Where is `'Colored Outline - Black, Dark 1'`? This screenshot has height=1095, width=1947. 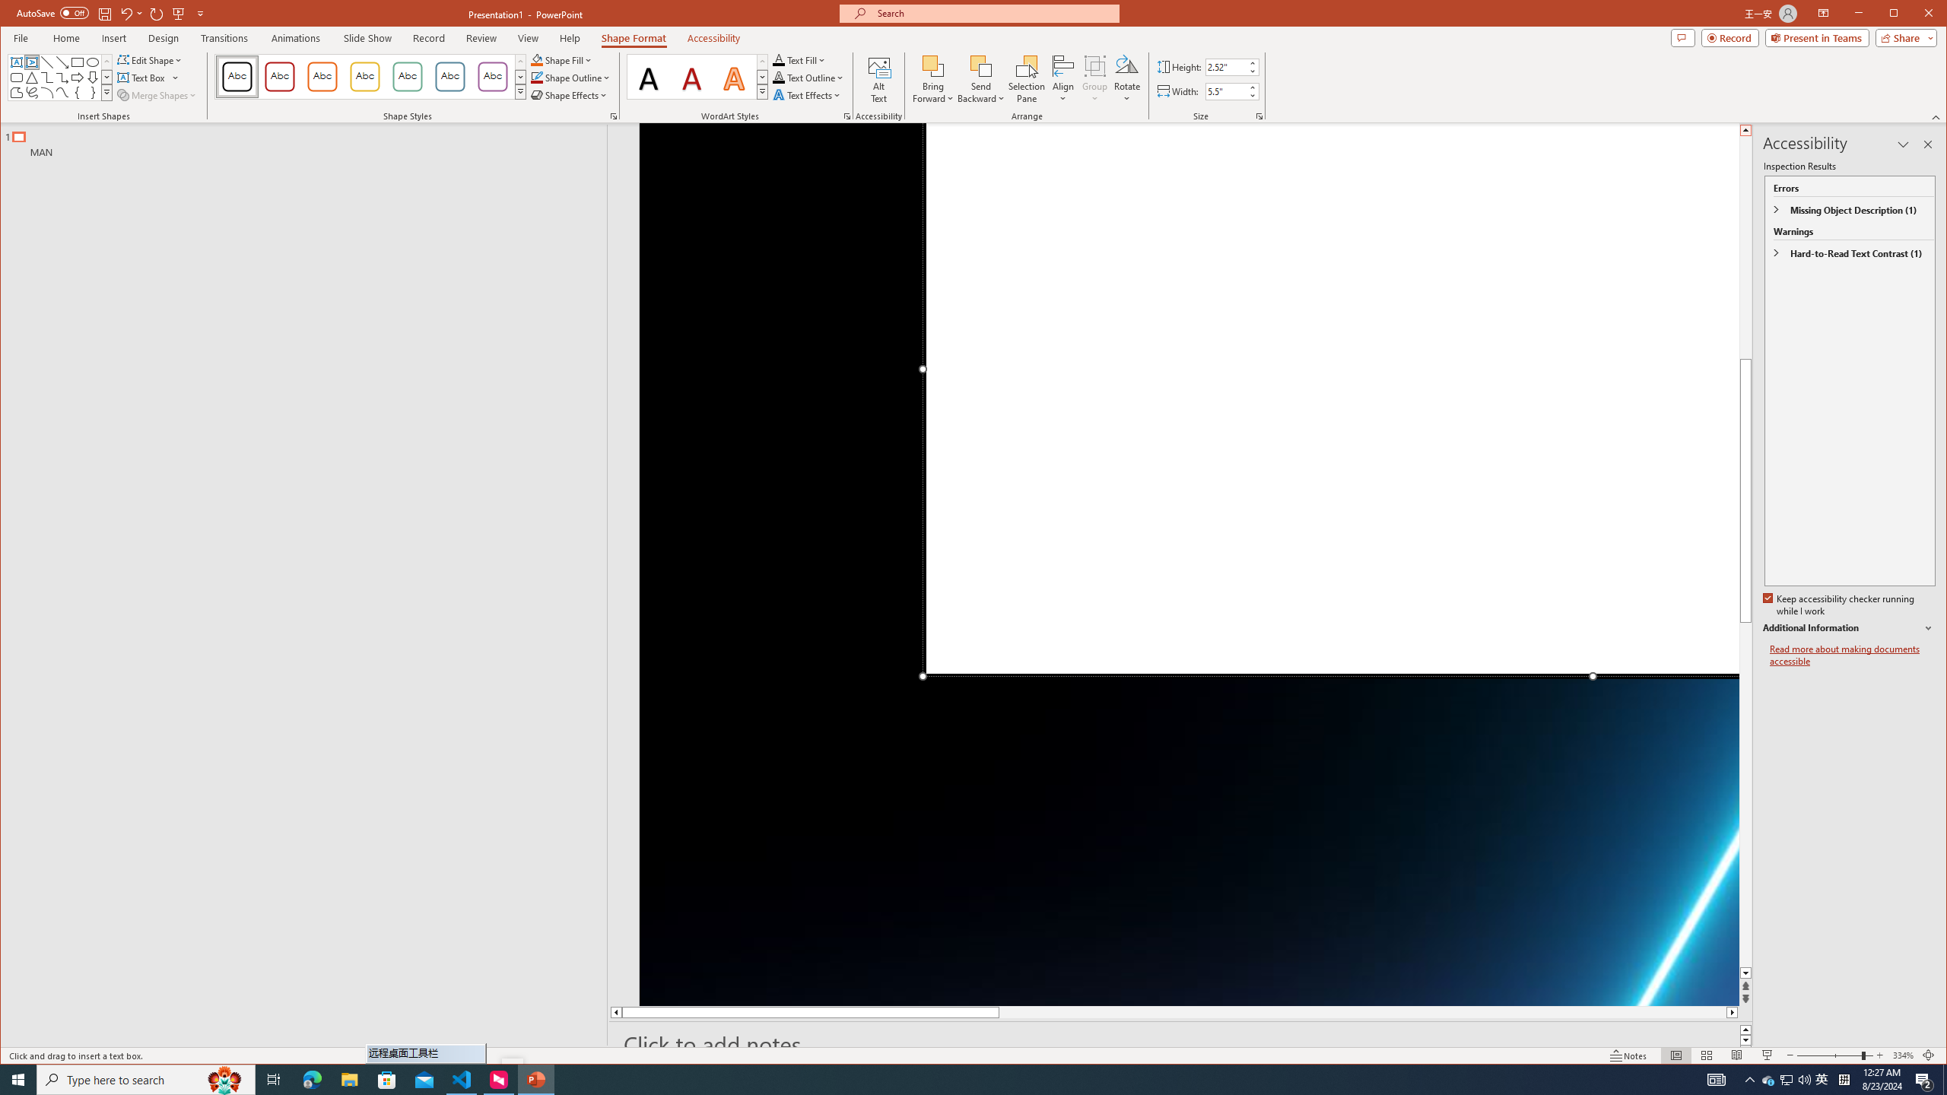
'Colored Outline - Black, Dark 1' is located at coordinates (237, 76).